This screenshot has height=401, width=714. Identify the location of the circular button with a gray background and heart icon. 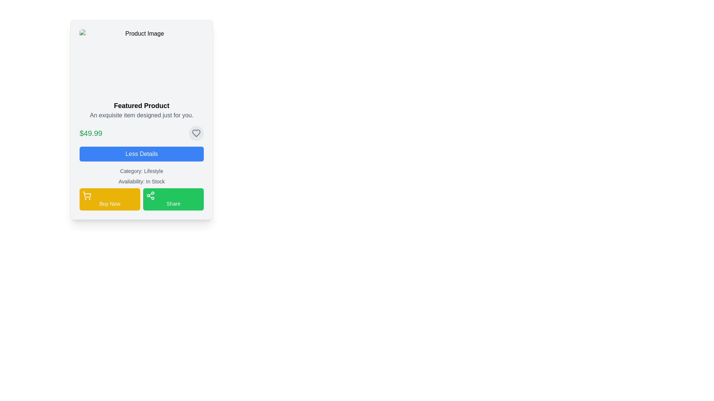
(196, 133).